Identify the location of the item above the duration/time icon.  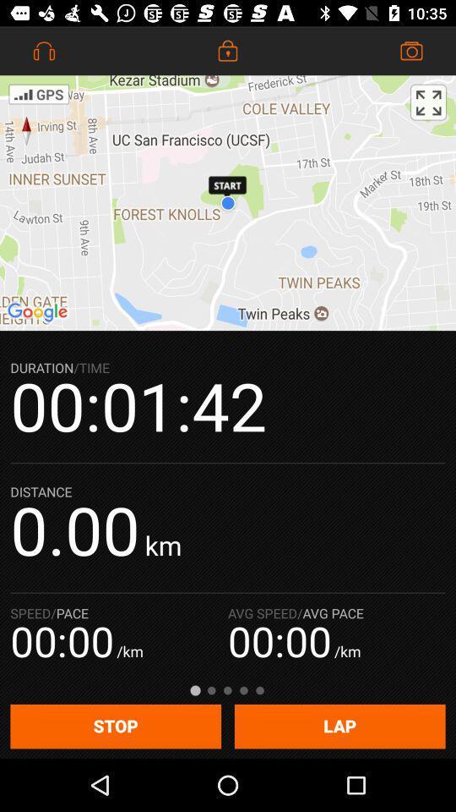
(228, 203).